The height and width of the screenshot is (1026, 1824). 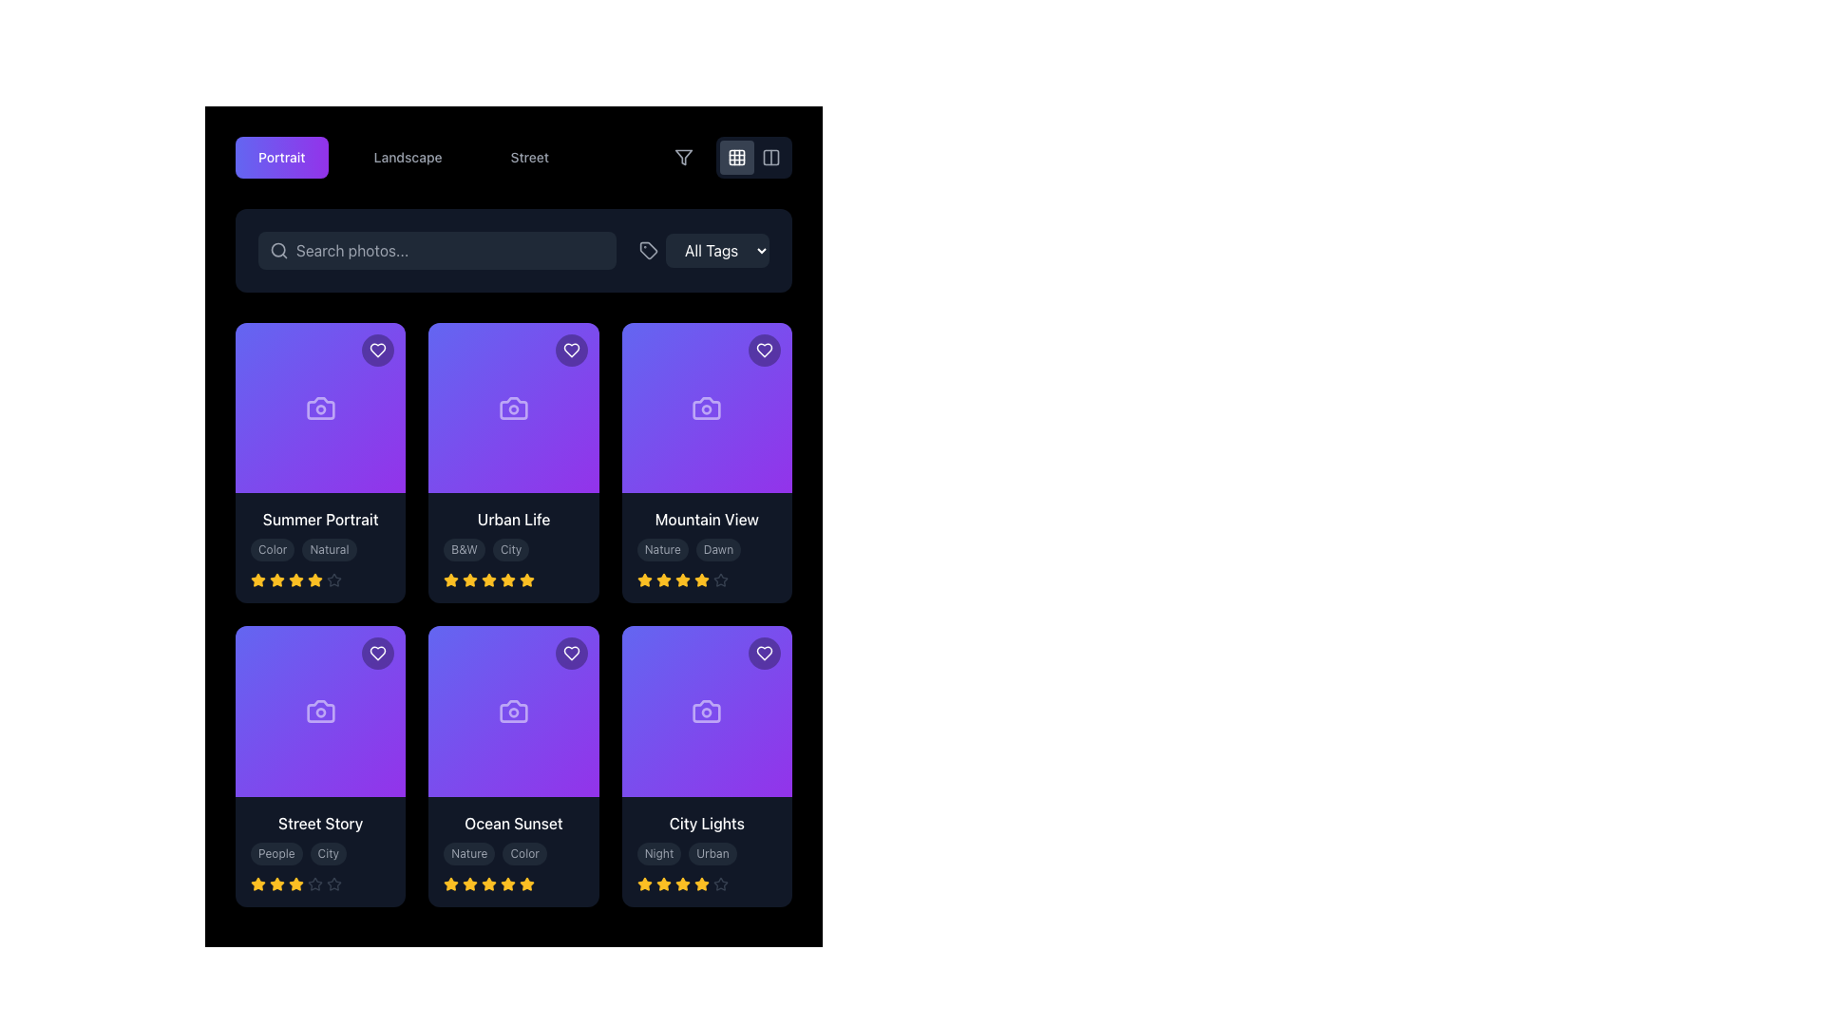 What do you see at coordinates (570, 653) in the screenshot?
I see `the heart-shaped icon button with a semi-transparent black background located at the top-right corner of the 'Ocean Sunset' card to favorite or like the associated item` at bounding box center [570, 653].